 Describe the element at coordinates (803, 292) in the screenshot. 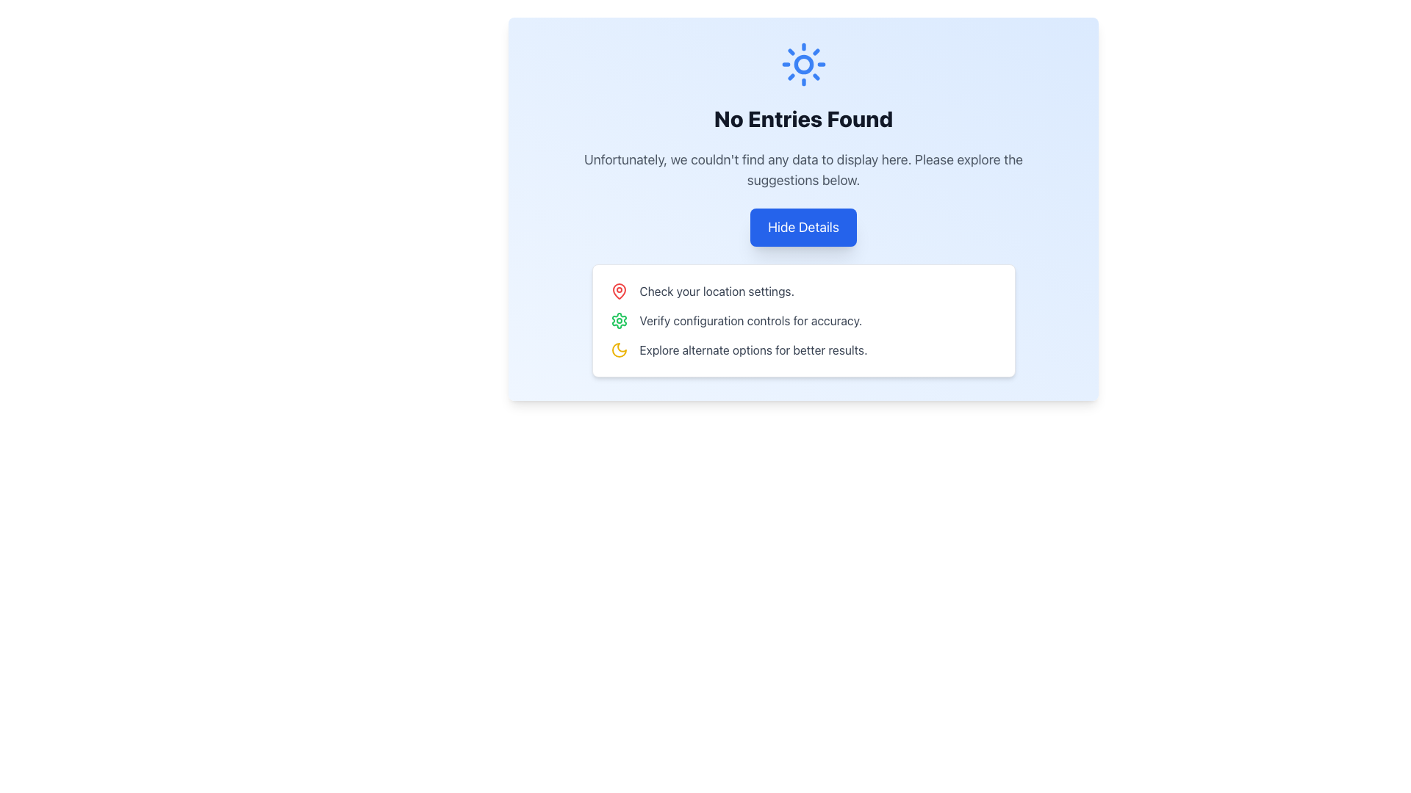

I see `the text block that displays 'Check your location settings.' and is accompanied by a red pin icon, located at the top of the suggestions list` at that location.